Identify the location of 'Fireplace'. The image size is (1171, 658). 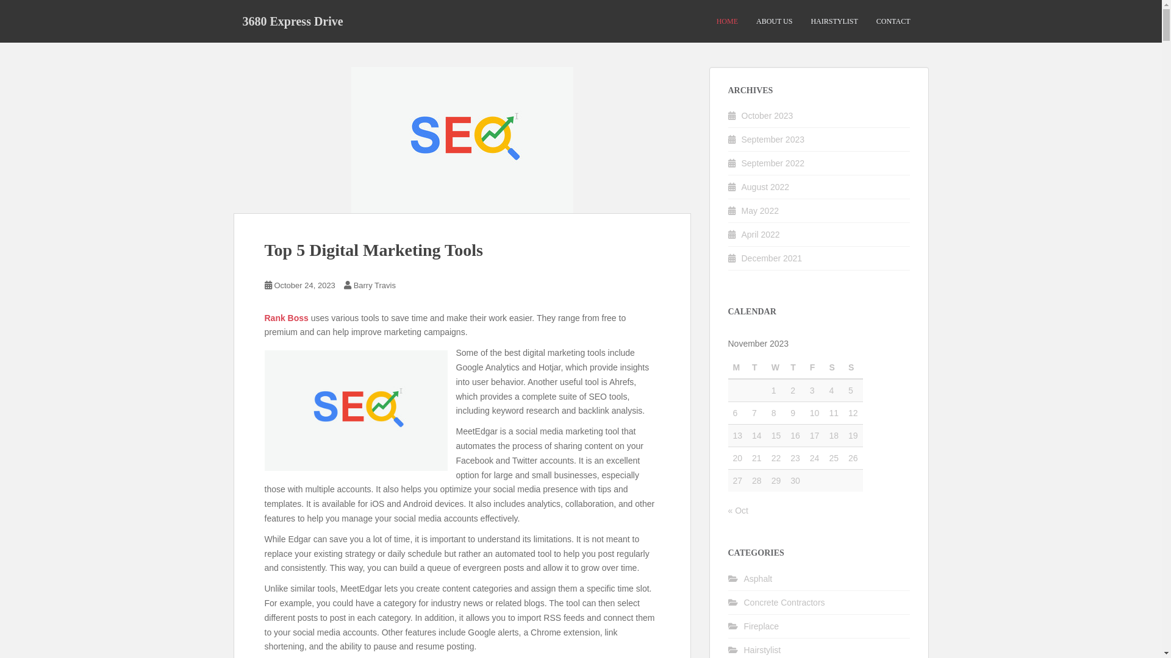
(761, 626).